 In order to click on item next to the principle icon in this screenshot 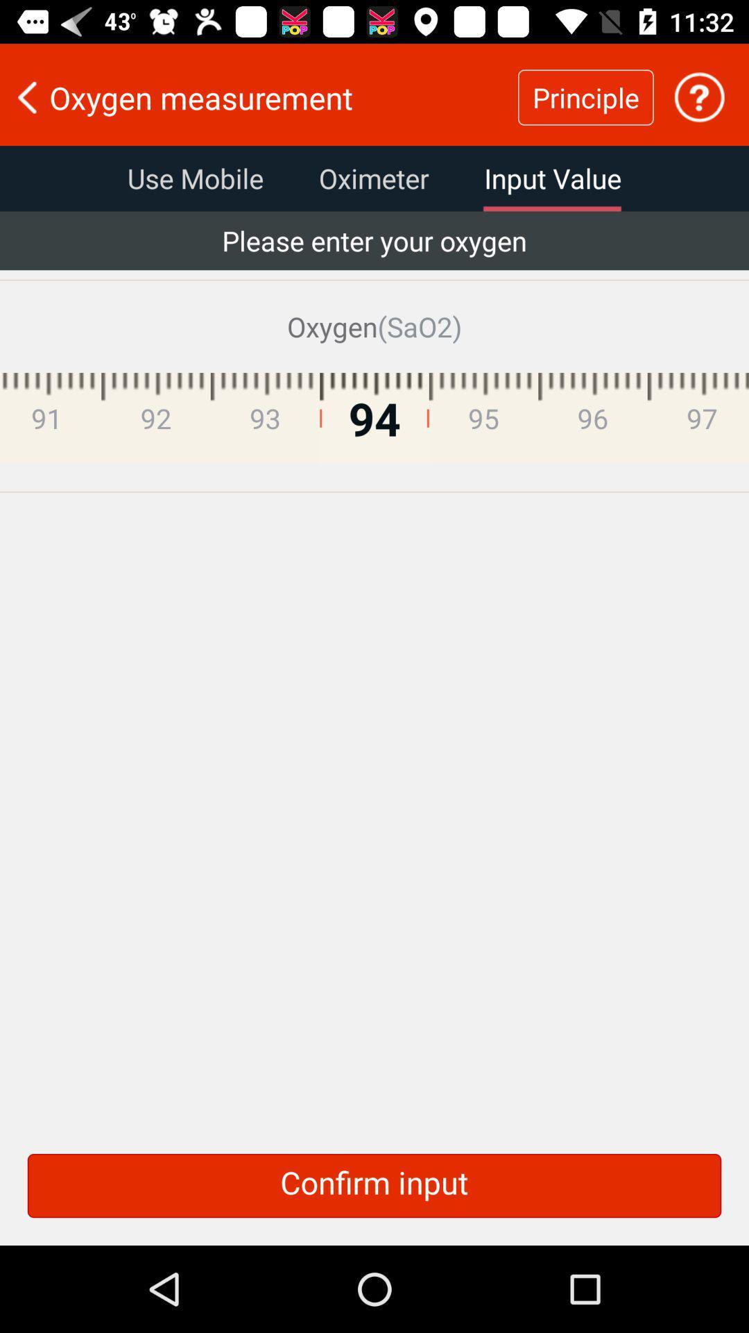, I will do `click(259, 97)`.